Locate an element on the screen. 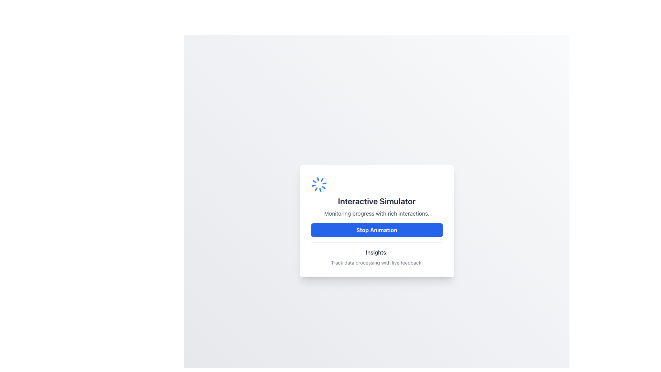 This screenshot has width=661, height=372. the Text Block that provides information about tracking data processing, located within a white card below the 'Stop Animation' button is located at coordinates (376, 254).